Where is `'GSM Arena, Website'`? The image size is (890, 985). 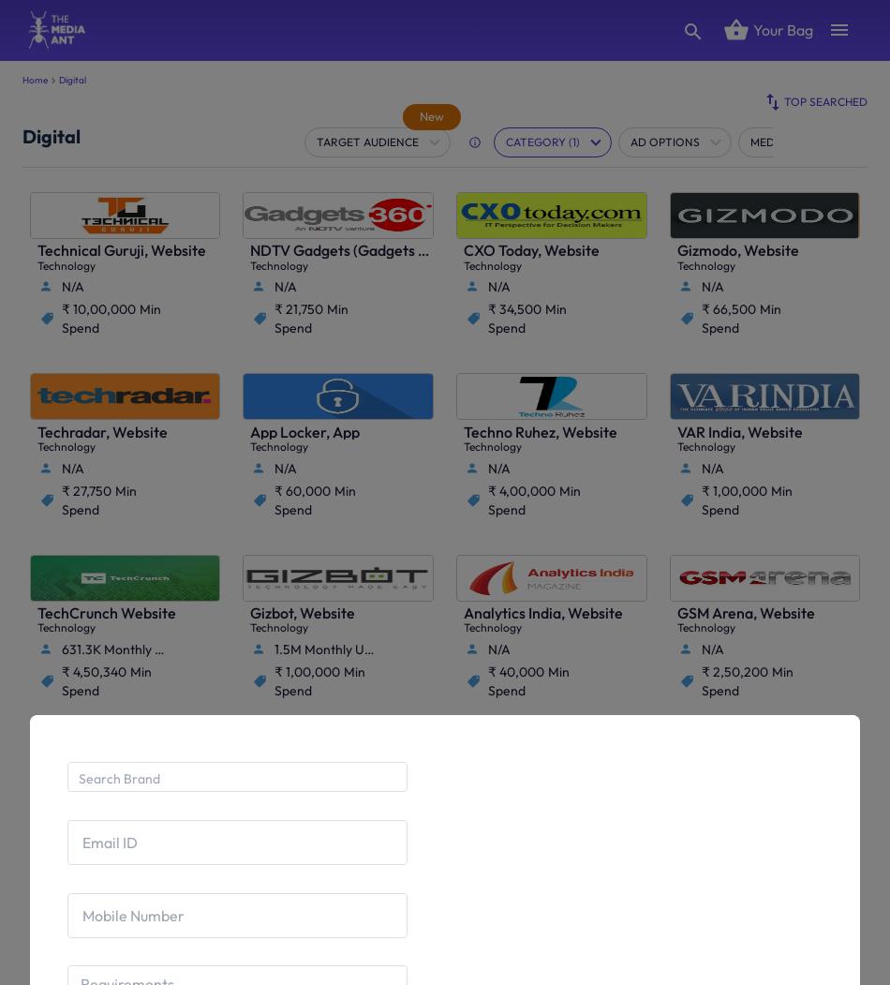 'GSM Arena, Website' is located at coordinates (744, 611).